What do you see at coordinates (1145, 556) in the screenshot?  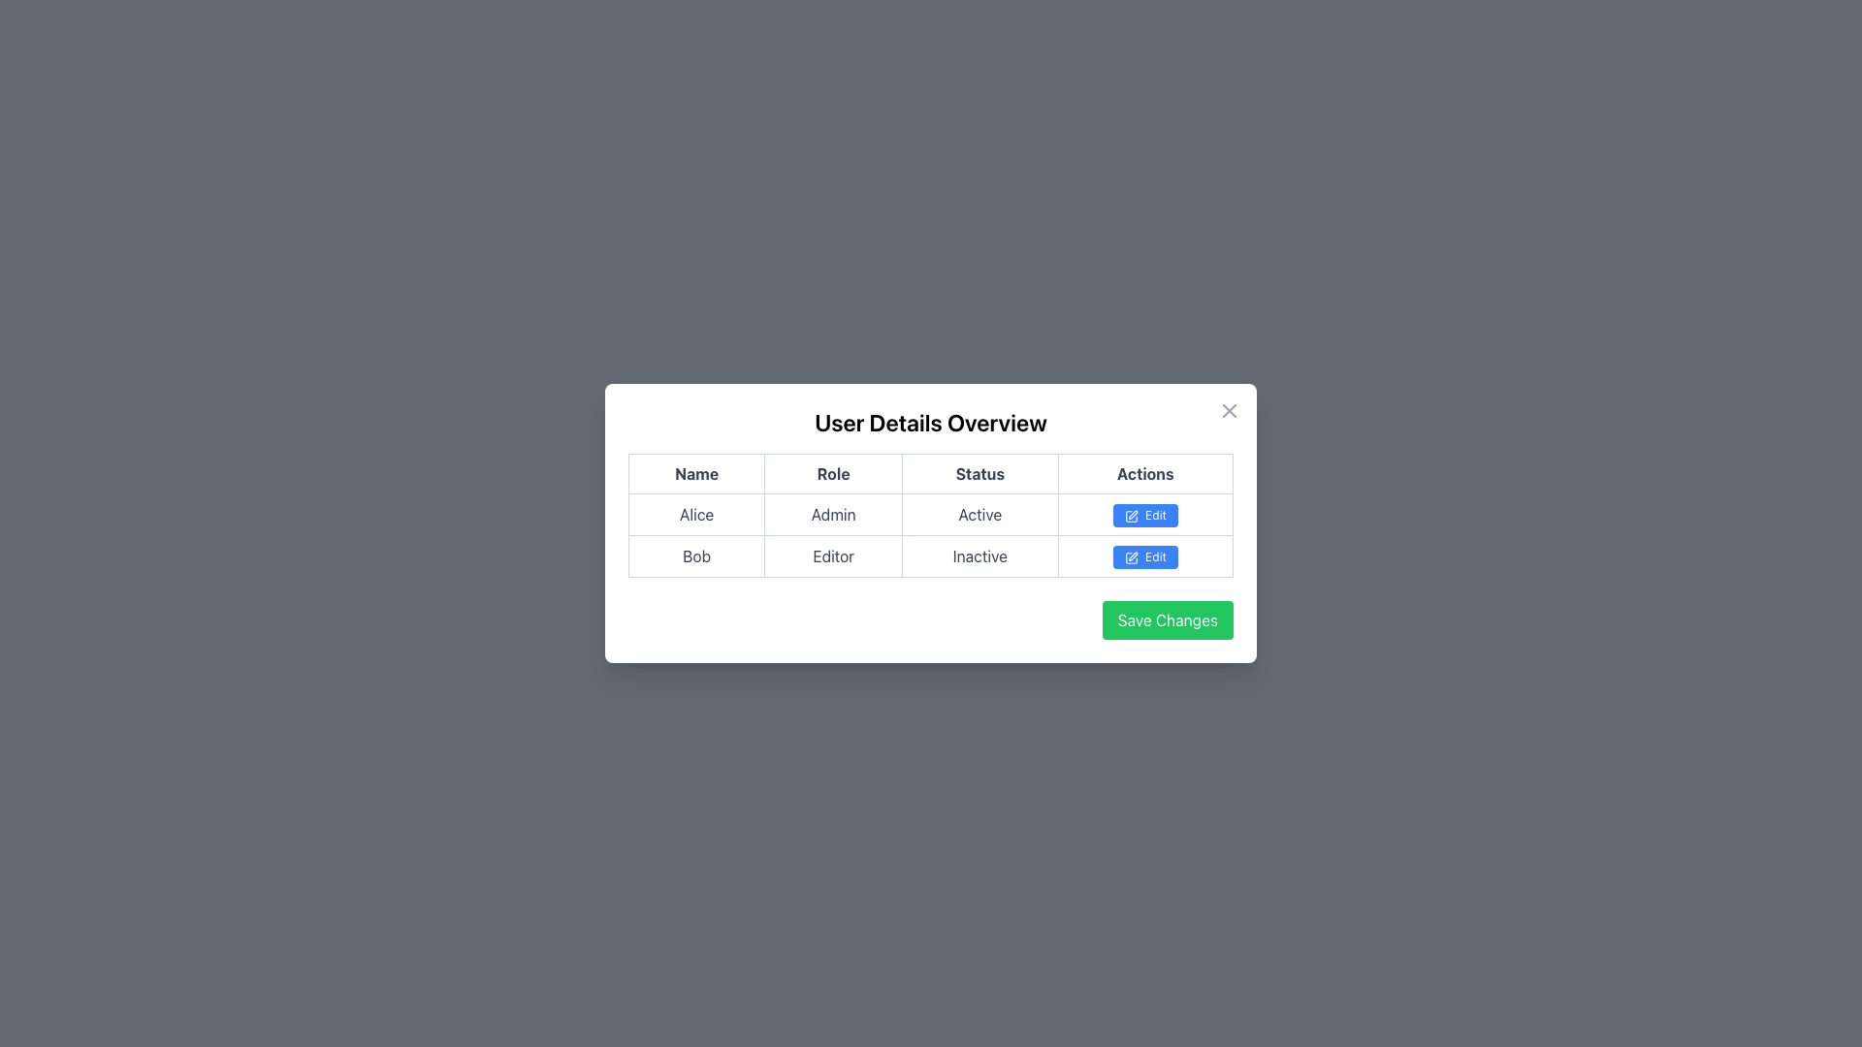 I see `the 'Edit' button with a blue background and white text located in the lower-right corner of the table, in the fourth column of the second row under the 'Actions' header` at bounding box center [1145, 556].